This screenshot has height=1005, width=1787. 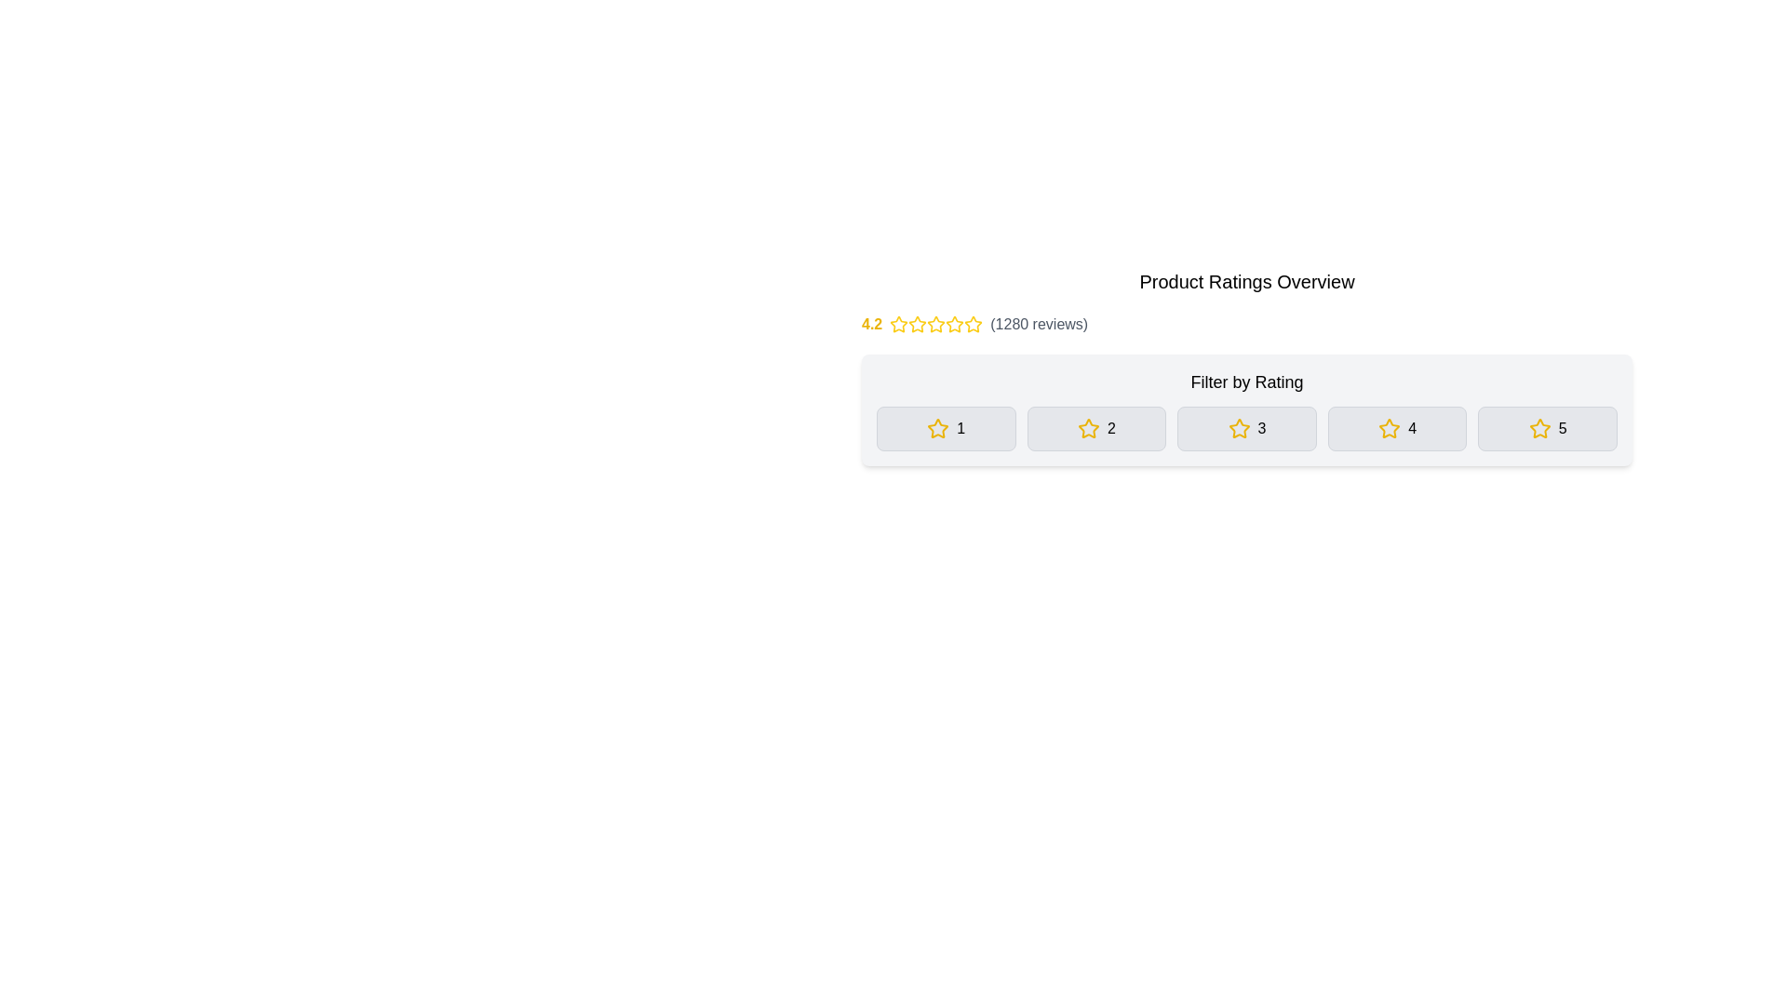 What do you see at coordinates (973, 323) in the screenshot?
I see `the fourth star icon in the rating system, which is outlined in yellow with a white core, located in the top center area of the interface` at bounding box center [973, 323].